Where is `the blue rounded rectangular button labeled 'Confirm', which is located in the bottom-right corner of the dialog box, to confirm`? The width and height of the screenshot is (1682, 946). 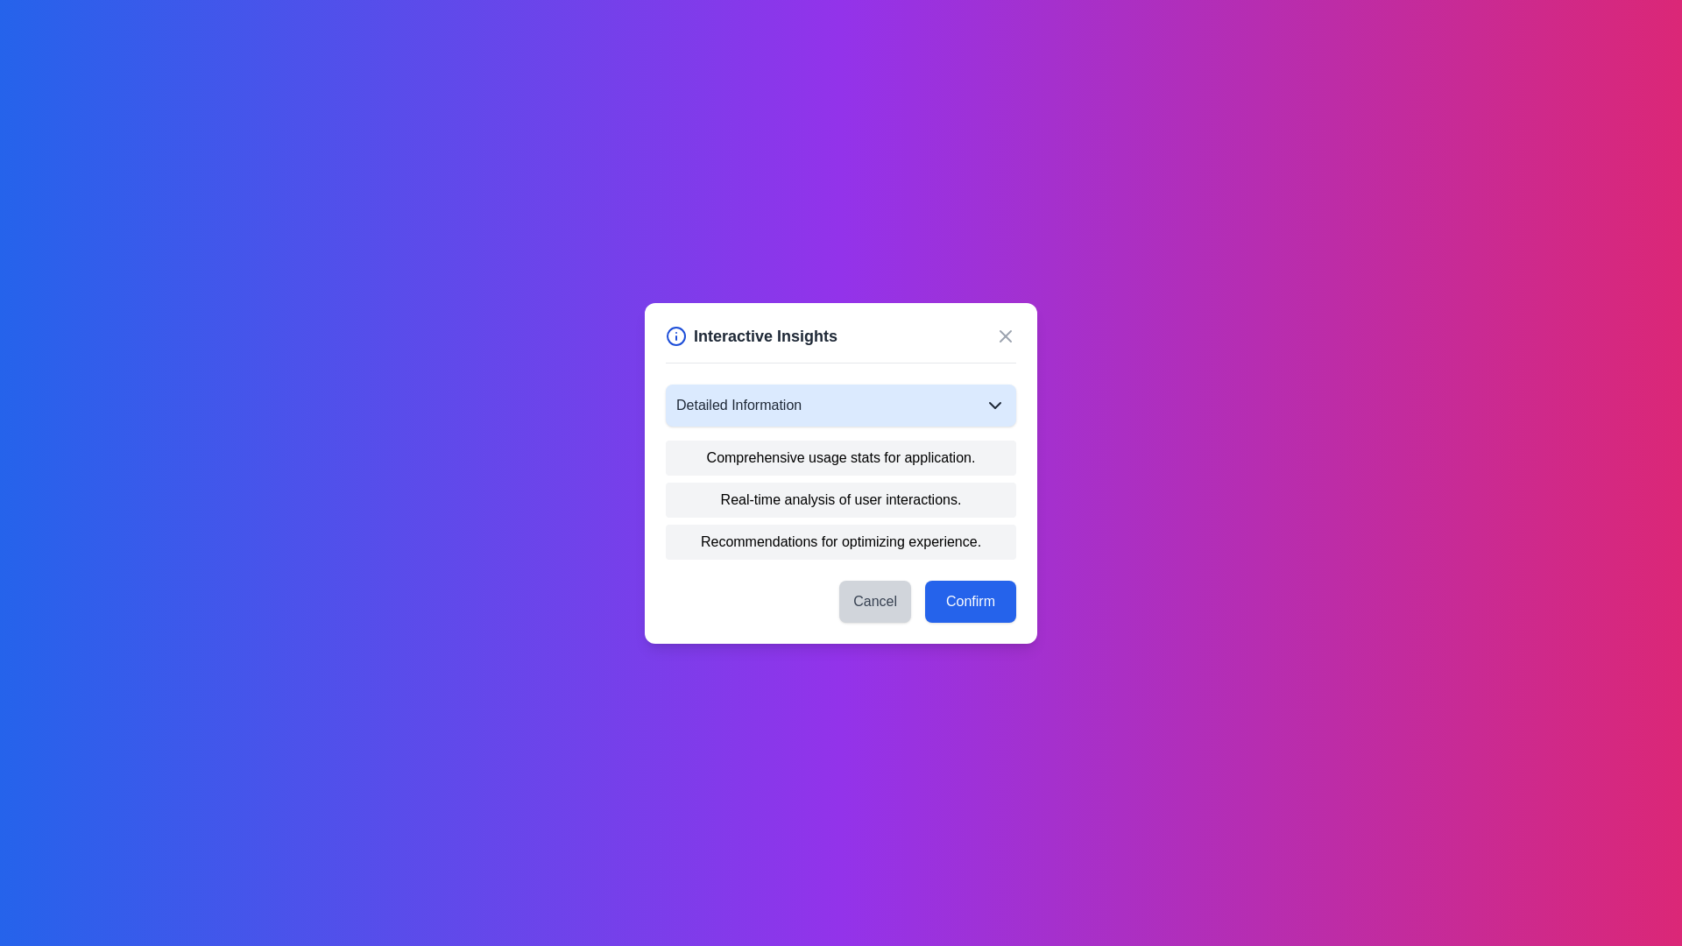 the blue rounded rectangular button labeled 'Confirm', which is located in the bottom-right corner of the dialog box, to confirm is located at coordinates (970, 600).